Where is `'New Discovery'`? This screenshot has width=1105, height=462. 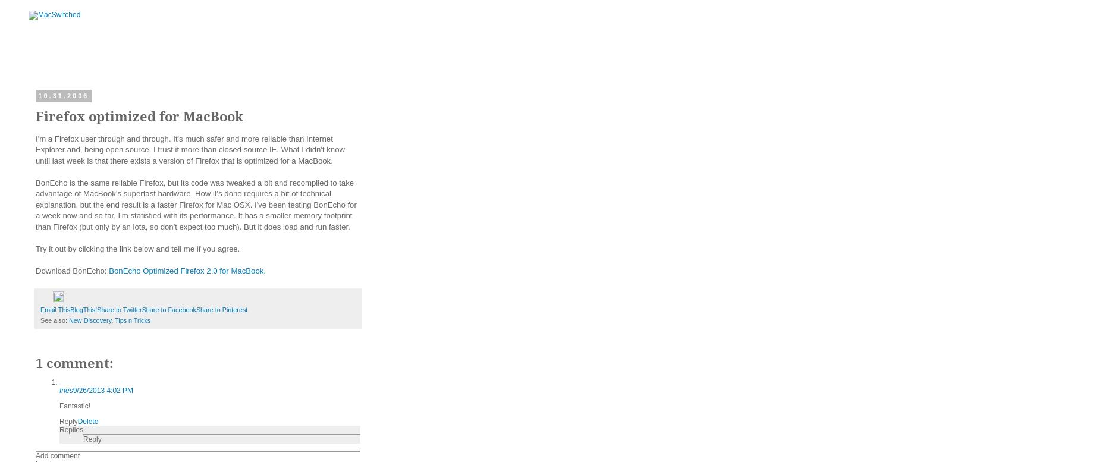
'New Discovery' is located at coordinates (90, 319).